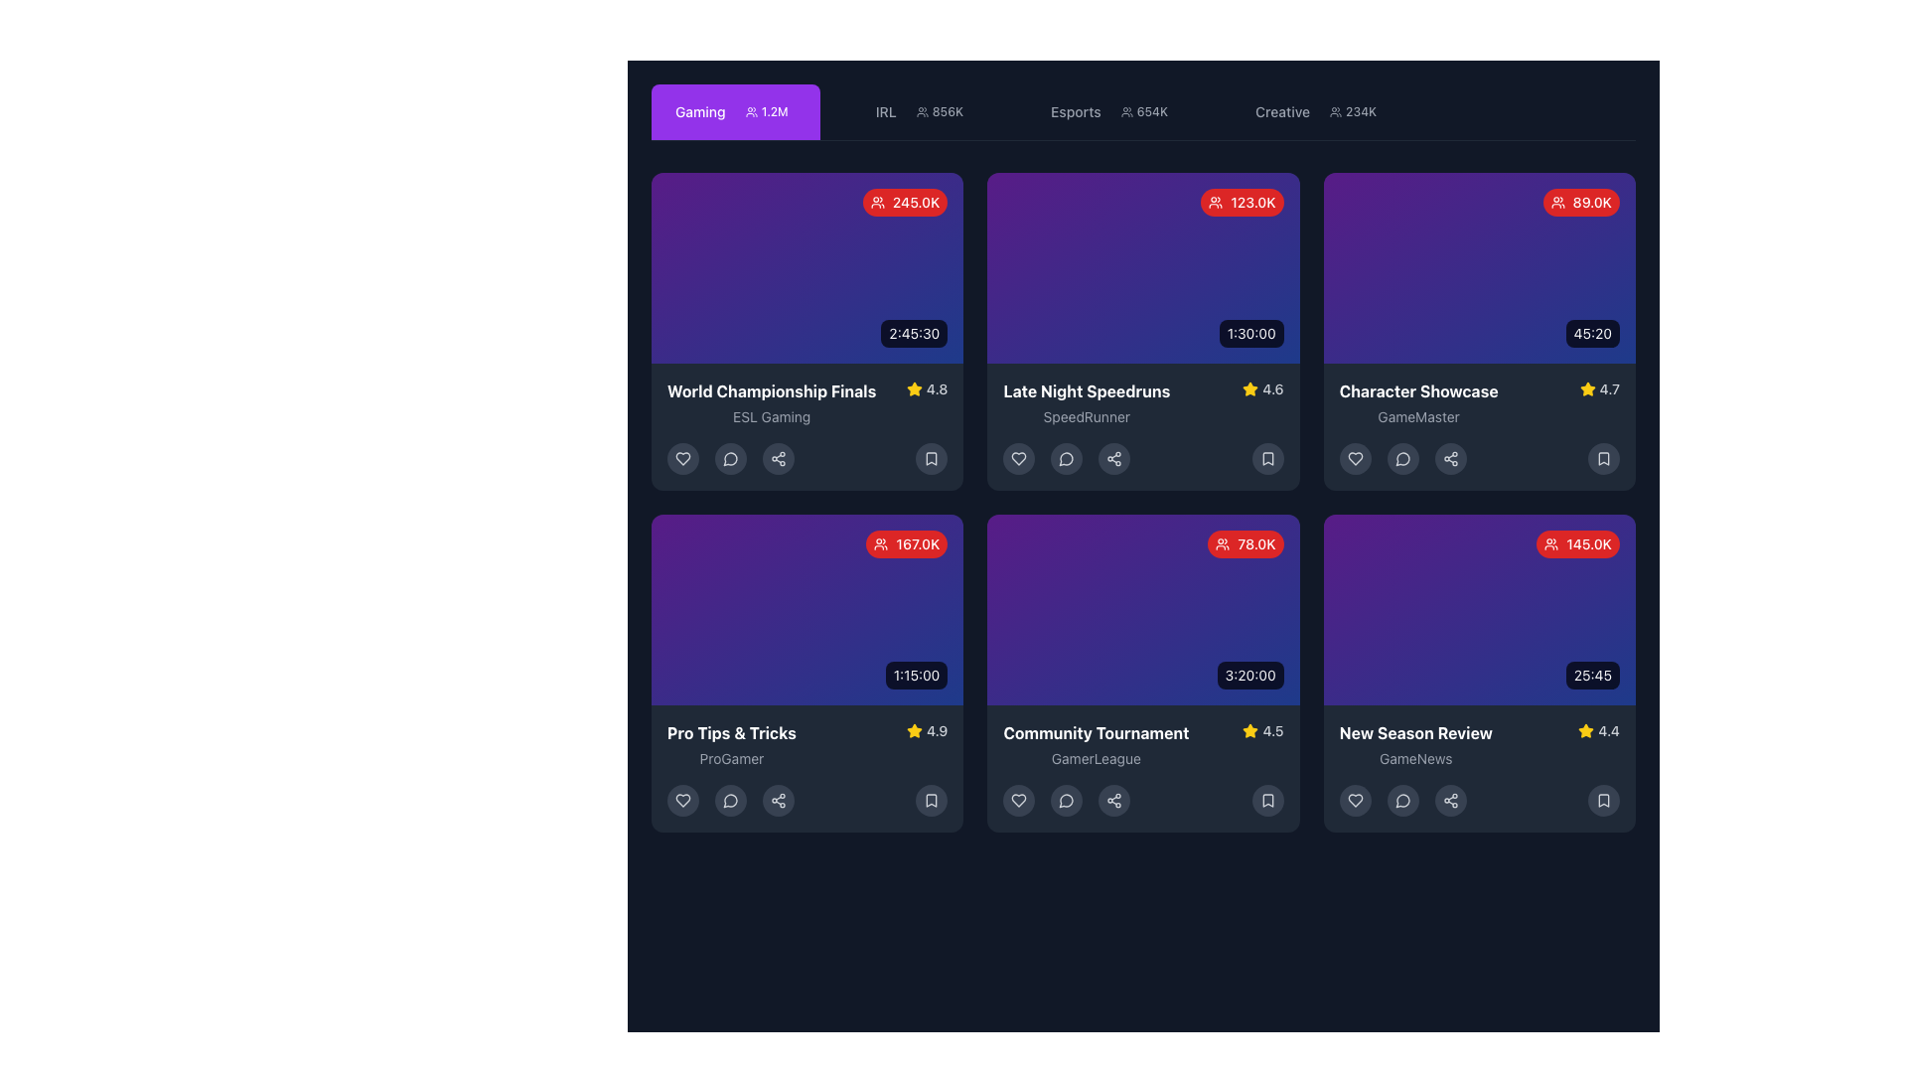  What do you see at coordinates (729, 459) in the screenshot?
I see `the chat icon located in the bottom row of icons in the second card from the left, which is the second icon from the left in this row` at bounding box center [729, 459].